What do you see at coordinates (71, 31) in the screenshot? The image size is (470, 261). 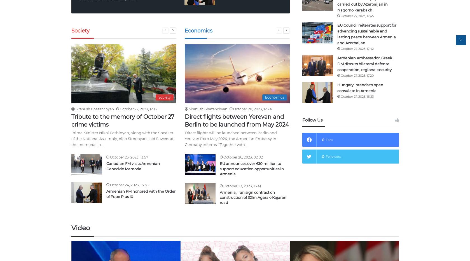 I see `'Society'` at bounding box center [71, 31].